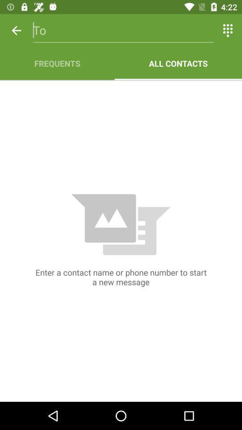 Image resolution: width=242 pixels, height=430 pixels. Describe the element at coordinates (123, 30) in the screenshot. I see `app above frequents` at that location.